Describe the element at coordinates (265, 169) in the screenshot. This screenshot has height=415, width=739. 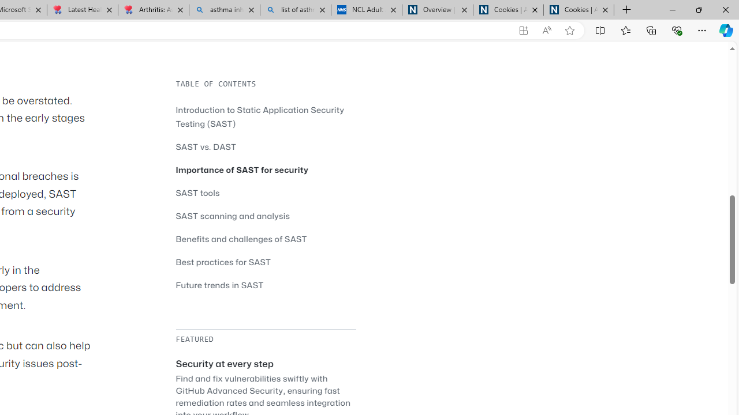
I see `'Importance of SAST for security'` at that location.